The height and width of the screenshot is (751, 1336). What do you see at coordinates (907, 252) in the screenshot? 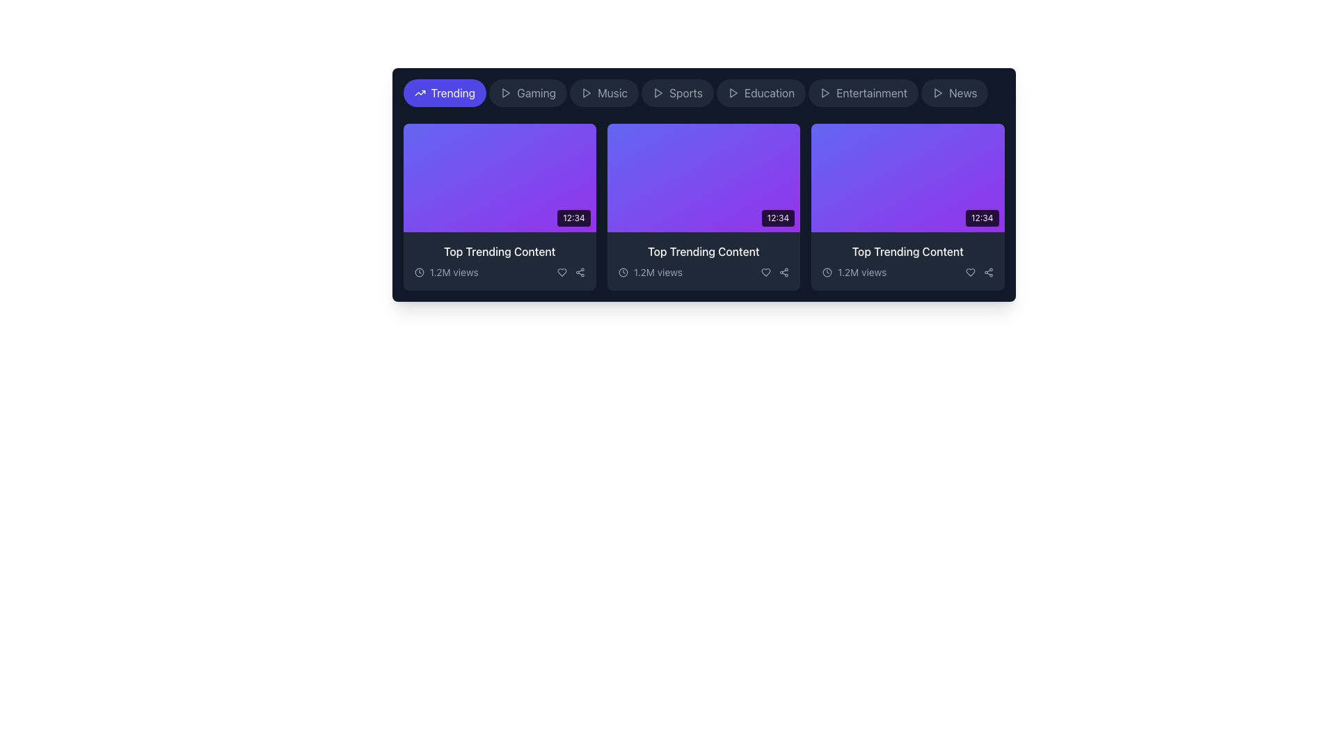
I see `the text label displaying 'Top Trending Content' in white color, which is positioned within the third content card, beneath a purple thumbnail and above '1.2M views'` at bounding box center [907, 252].